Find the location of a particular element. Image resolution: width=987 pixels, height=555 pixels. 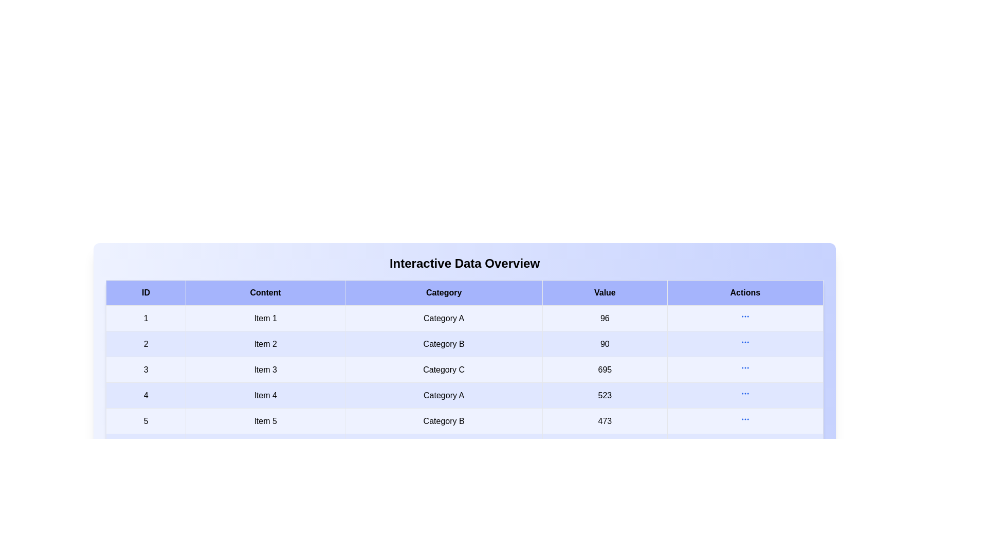

action button in row 2 to view additional details is located at coordinates (745, 342).